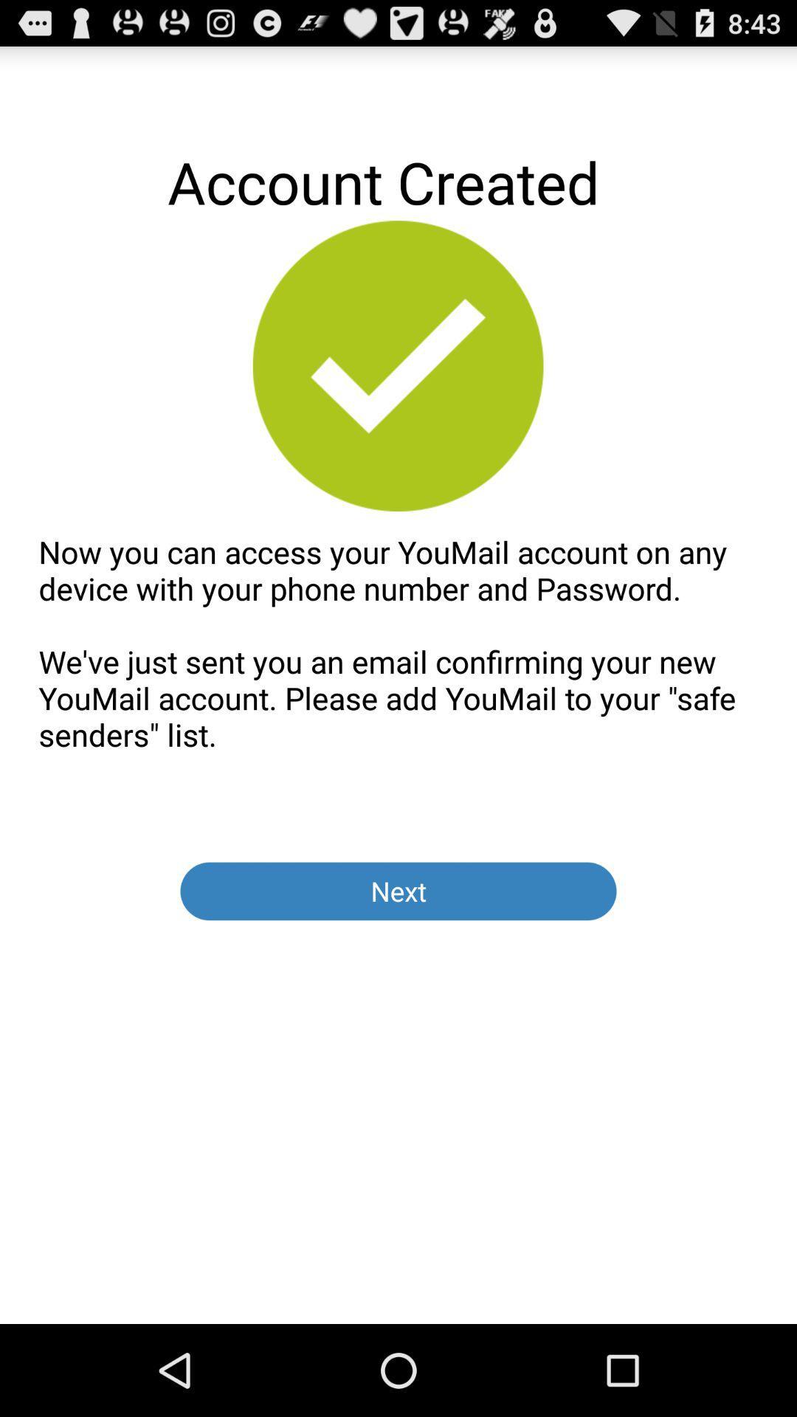  Describe the element at coordinates (398, 890) in the screenshot. I see `app below now you can item` at that location.